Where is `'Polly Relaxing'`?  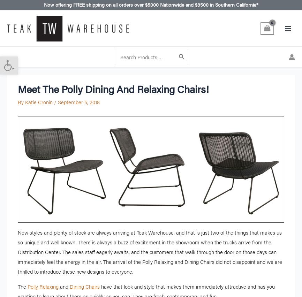 'Polly Relaxing' is located at coordinates (43, 286).